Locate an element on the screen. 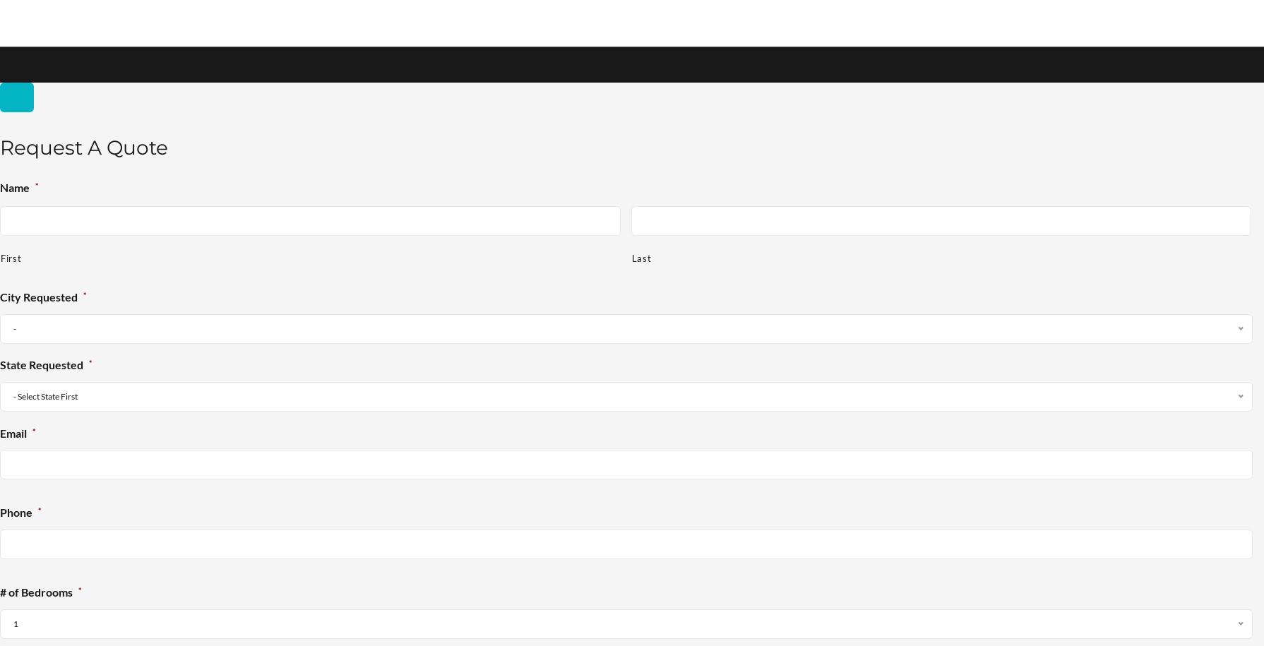  '# of Bedrooms' is located at coordinates (36, 592).